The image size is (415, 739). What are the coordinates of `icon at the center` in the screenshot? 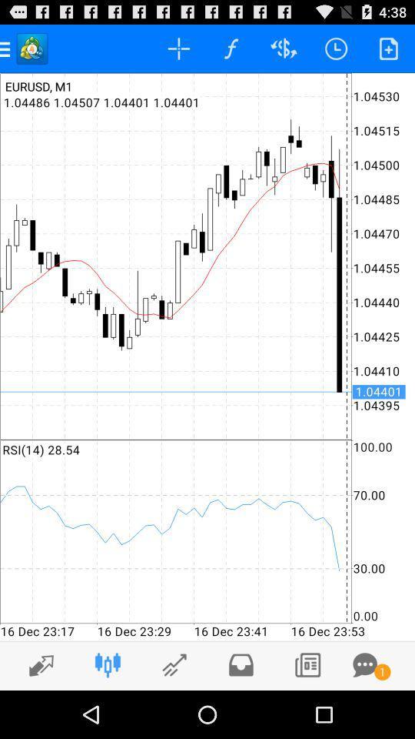 It's located at (207, 356).